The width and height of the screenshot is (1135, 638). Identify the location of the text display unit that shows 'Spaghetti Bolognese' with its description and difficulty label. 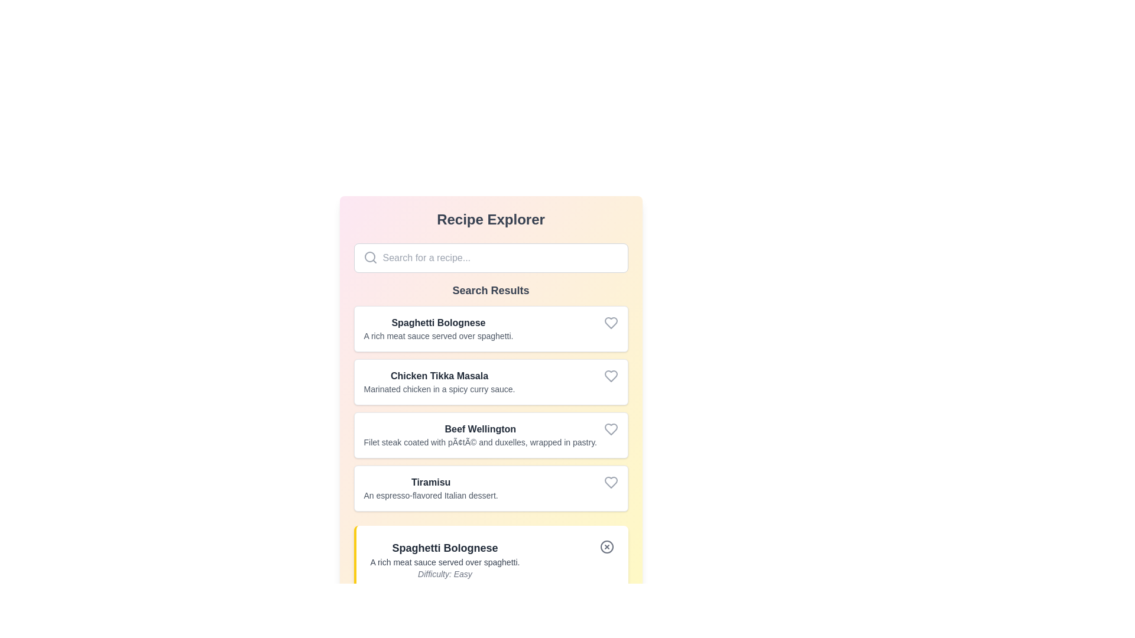
(445, 559).